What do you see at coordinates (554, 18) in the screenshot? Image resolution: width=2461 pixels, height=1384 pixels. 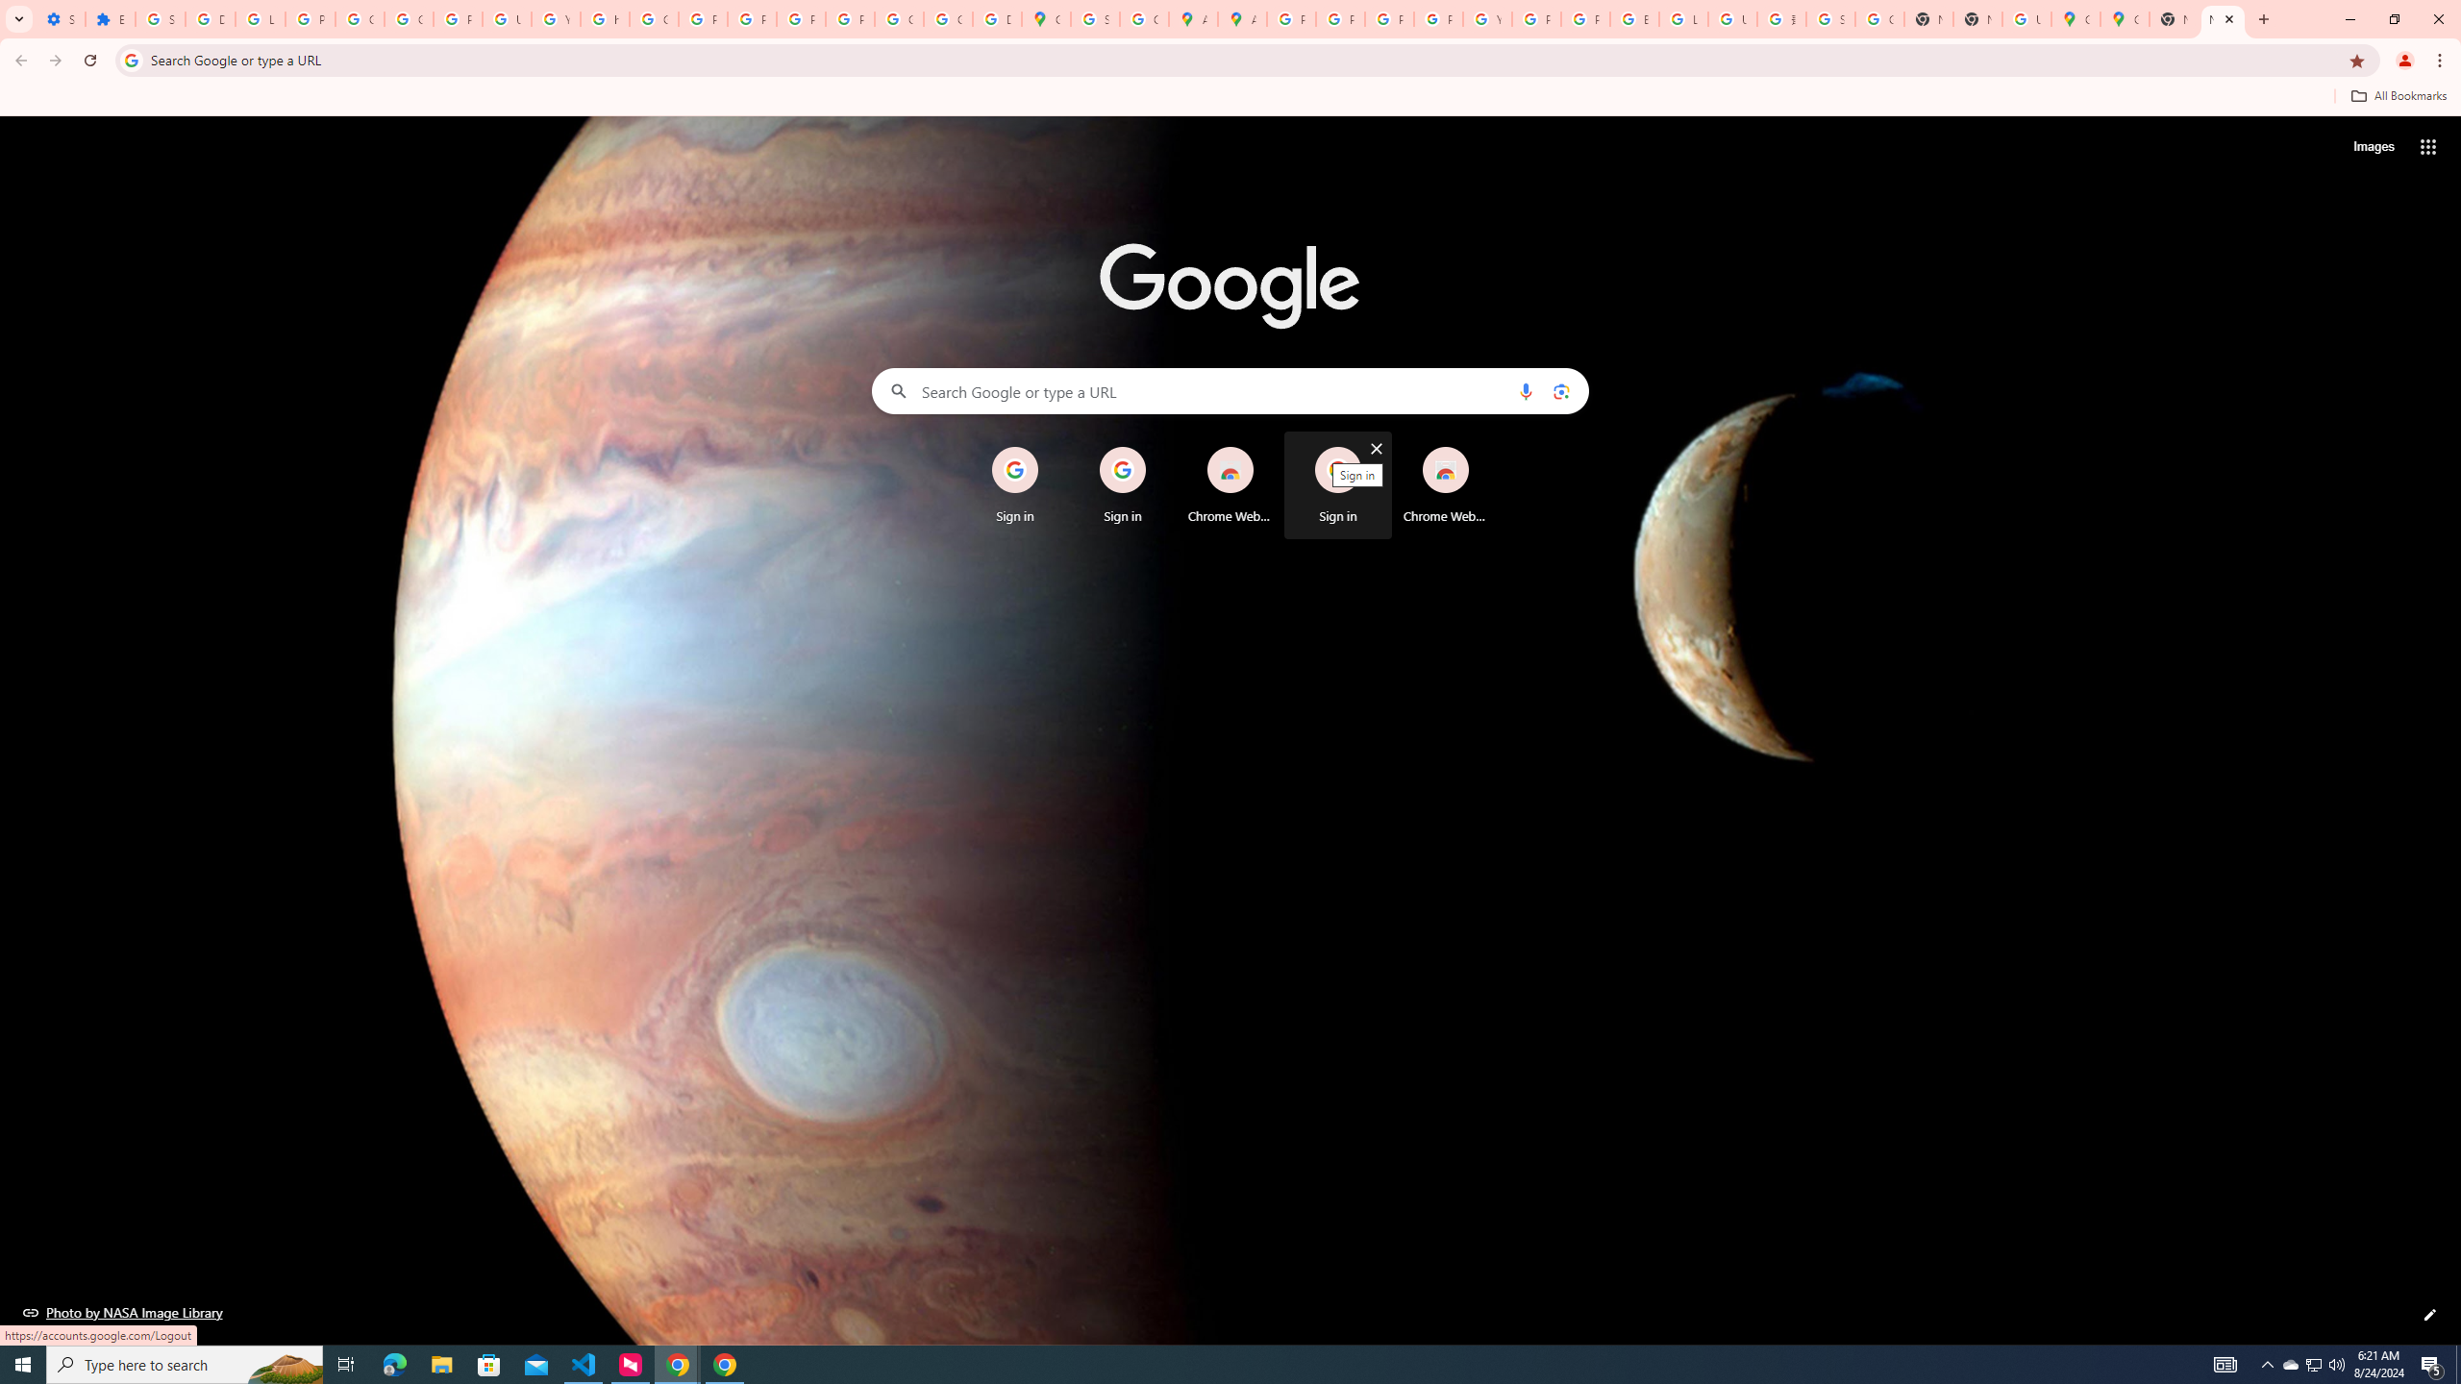 I see `'YouTube'` at bounding box center [554, 18].